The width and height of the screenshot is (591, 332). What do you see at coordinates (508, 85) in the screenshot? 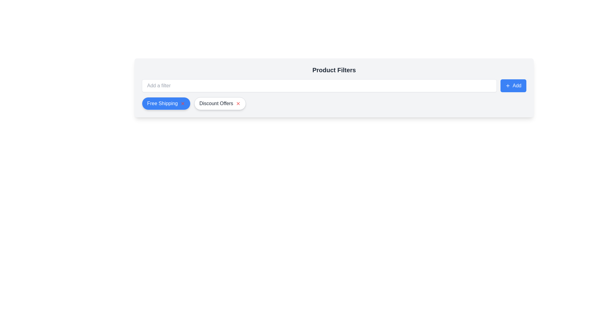
I see `the blue button labeled 'Add' which contains the icon for adding a new item or filter` at bounding box center [508, 85].